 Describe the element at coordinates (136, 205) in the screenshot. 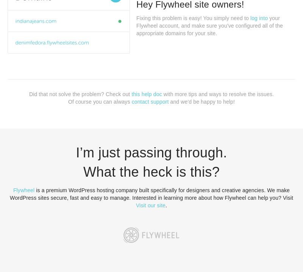

I see `'Visit our site'` at that location.